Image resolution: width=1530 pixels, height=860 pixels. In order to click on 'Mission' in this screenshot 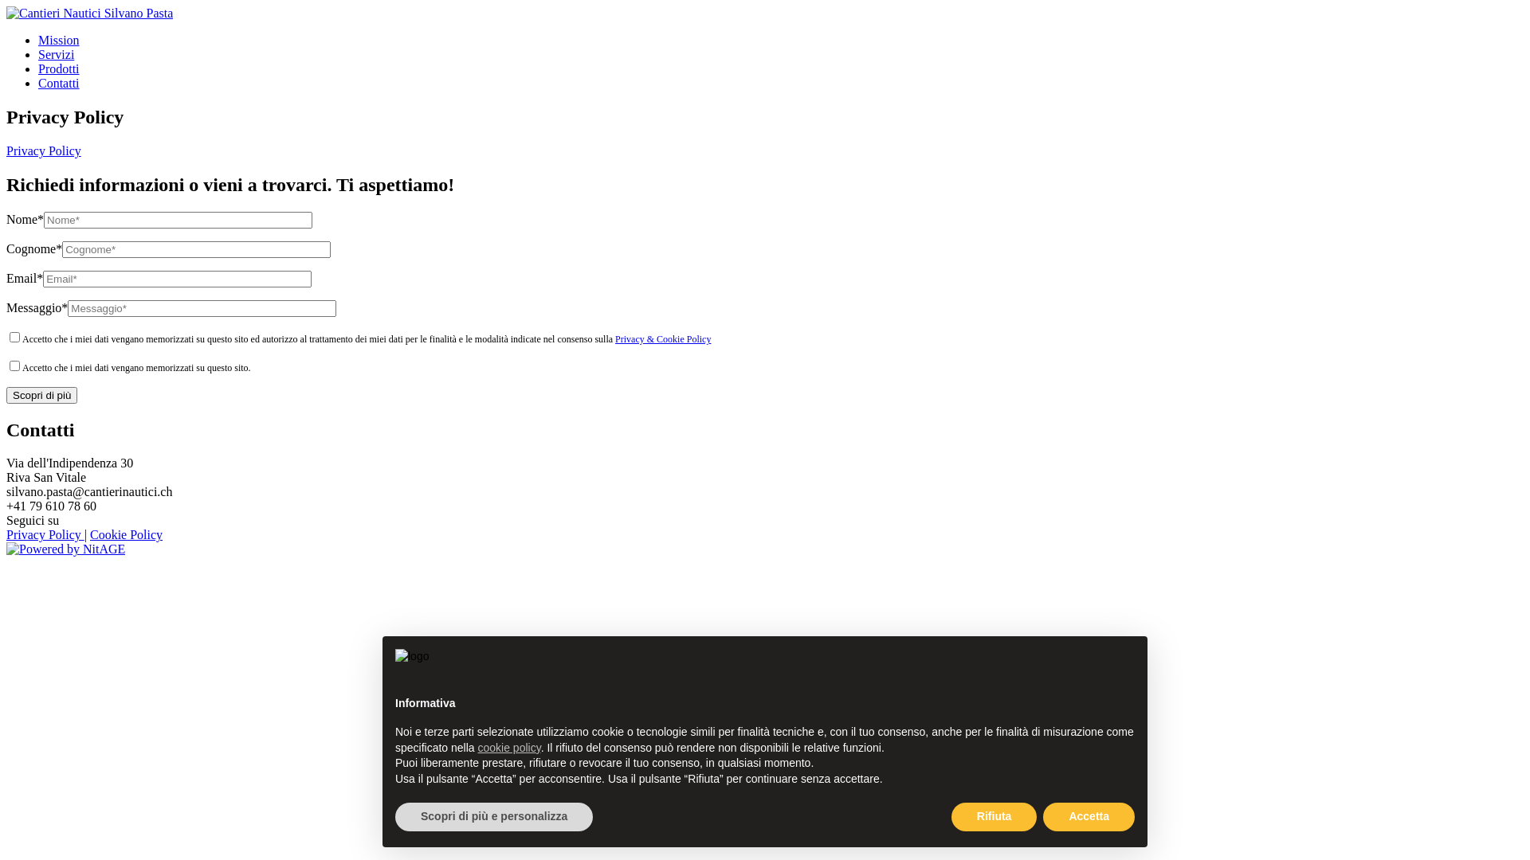, I will do `click(38, 39)`.